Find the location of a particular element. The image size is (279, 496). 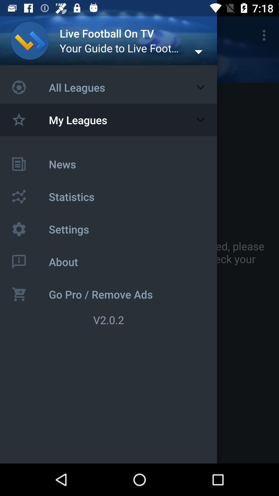

item to the left of the live football on icon is located at coordinates (19, 35).